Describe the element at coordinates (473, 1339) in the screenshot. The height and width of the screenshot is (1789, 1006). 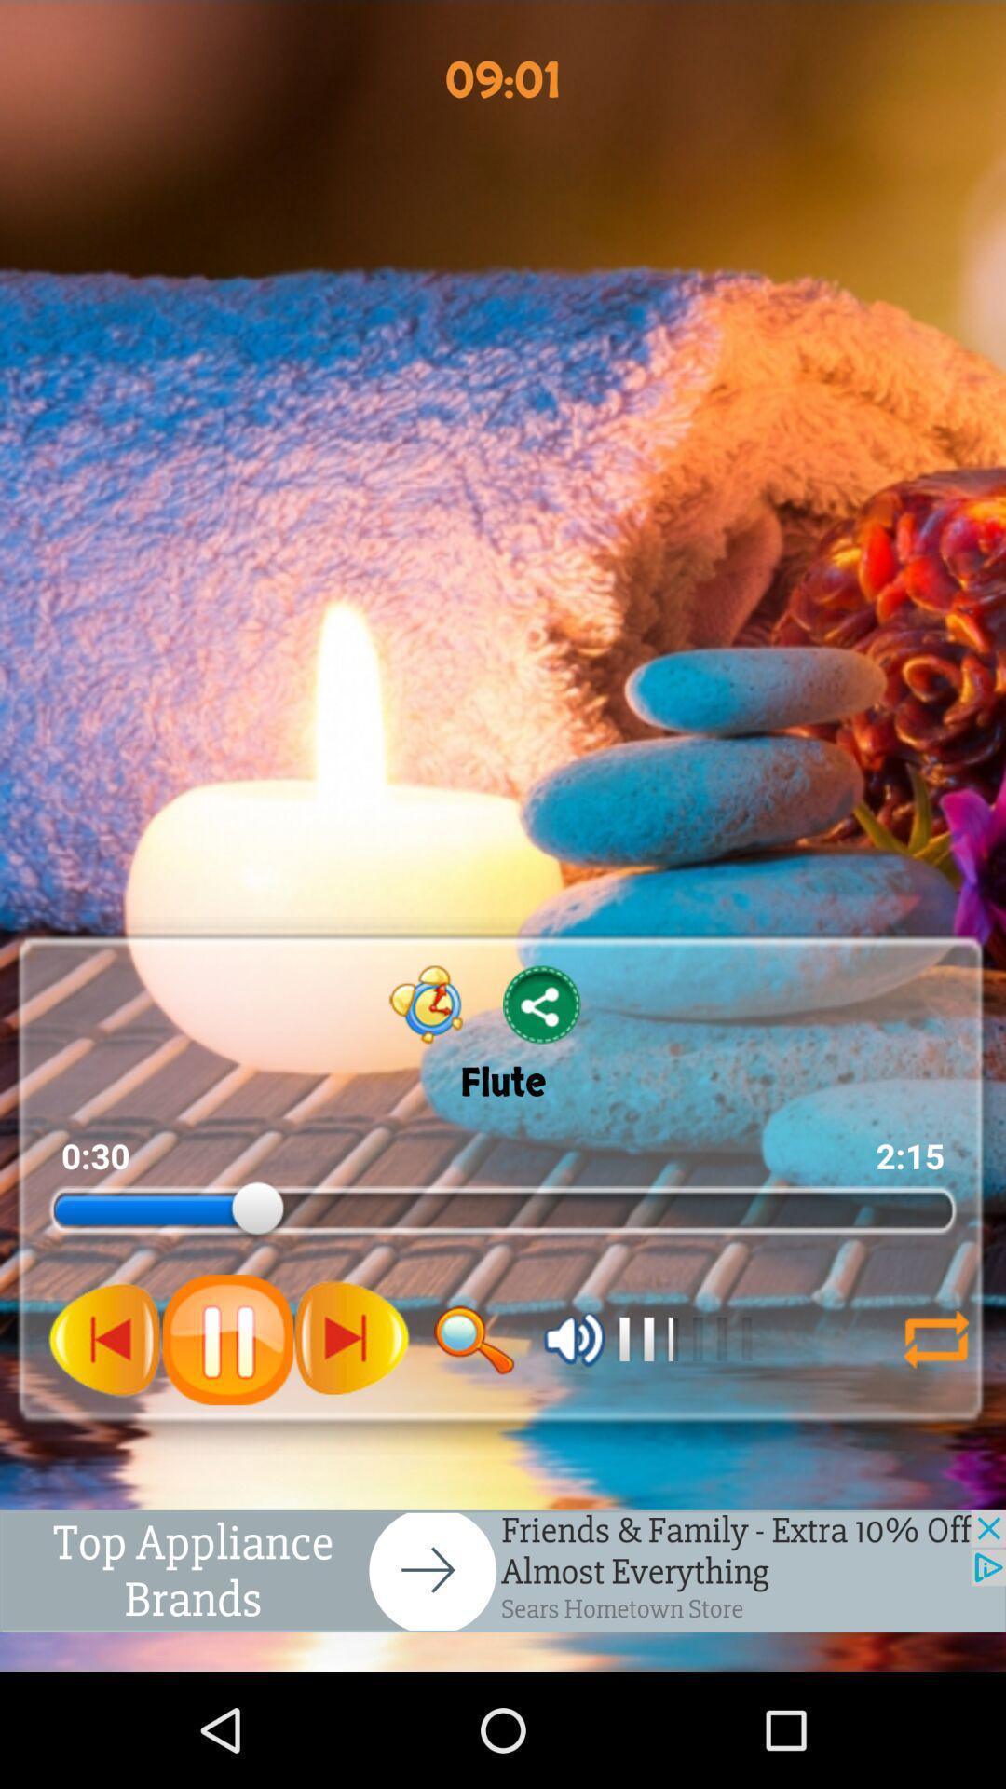
I see `search option` at that location.